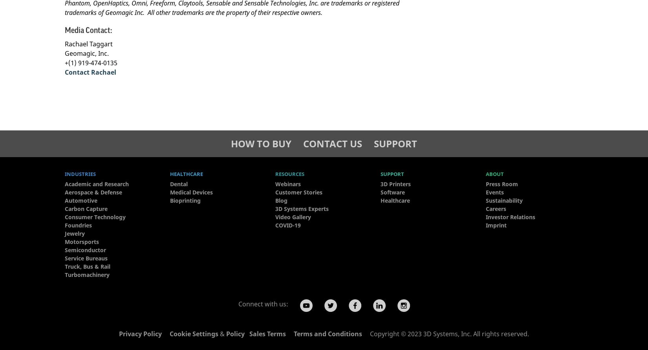 This screenshot has height=350, width=648. What do you see at coordinates (486, 191) in the screenshot?
I see `'Events'` at bounding box center [486, 191].